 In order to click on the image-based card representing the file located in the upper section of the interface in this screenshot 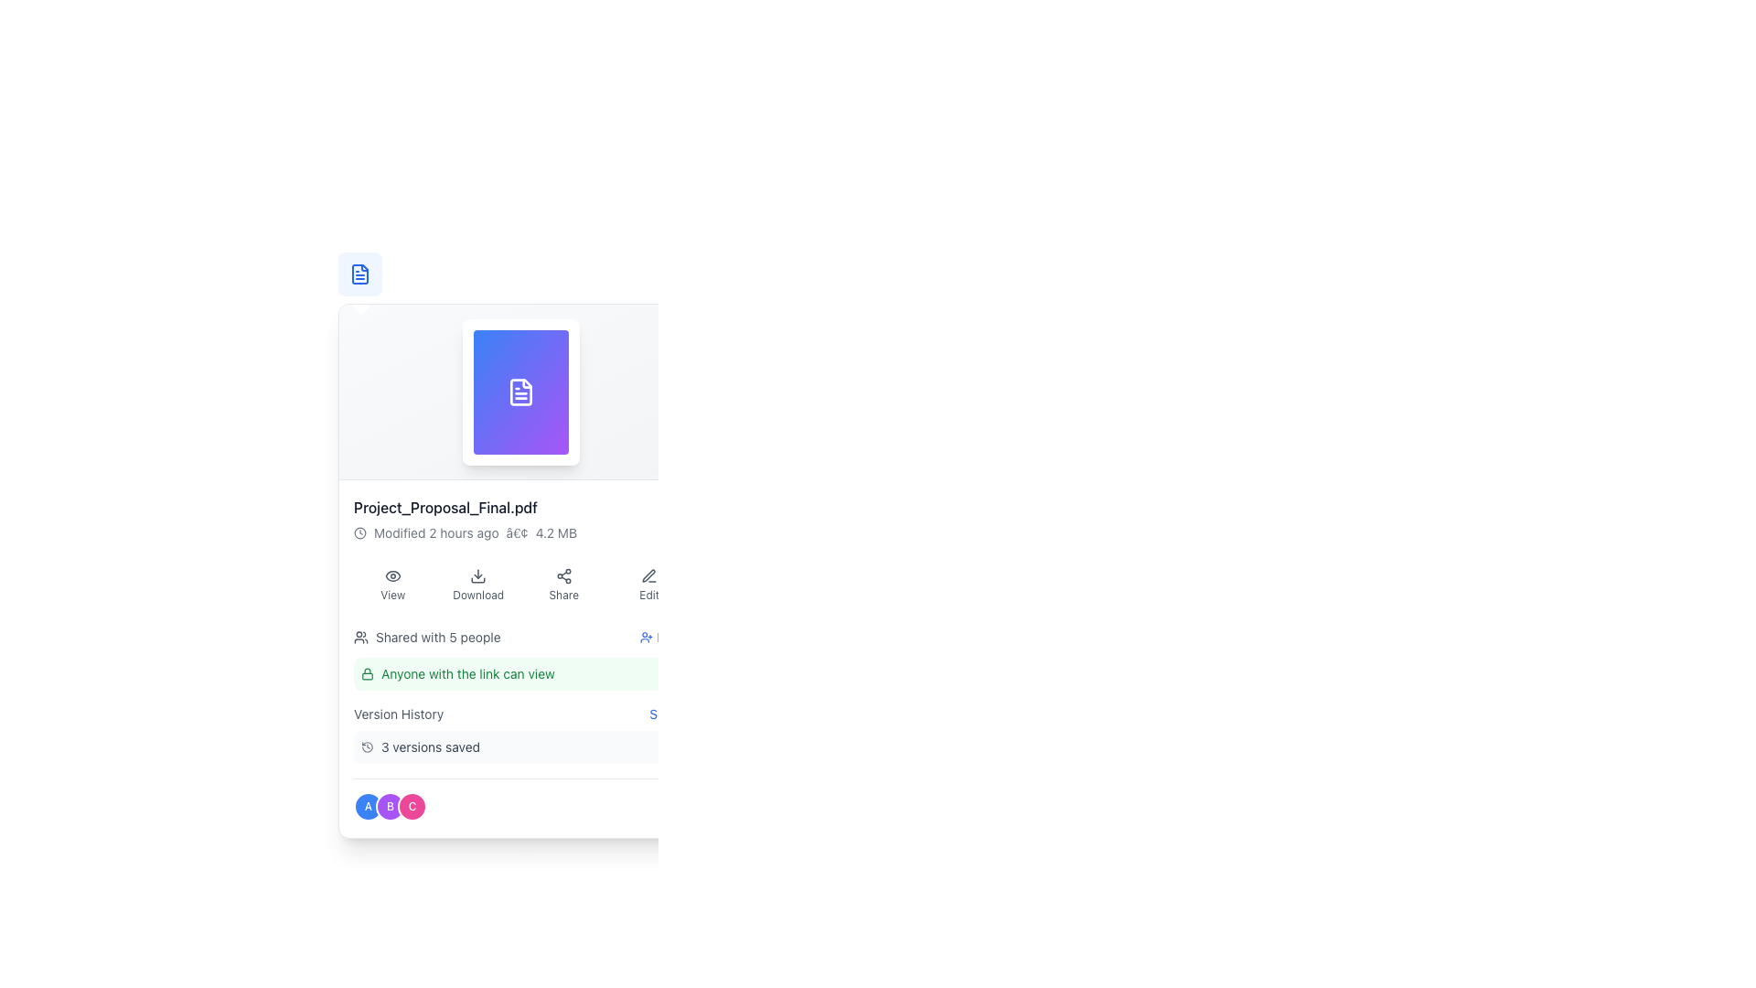, I will do `click(520, 391)`.